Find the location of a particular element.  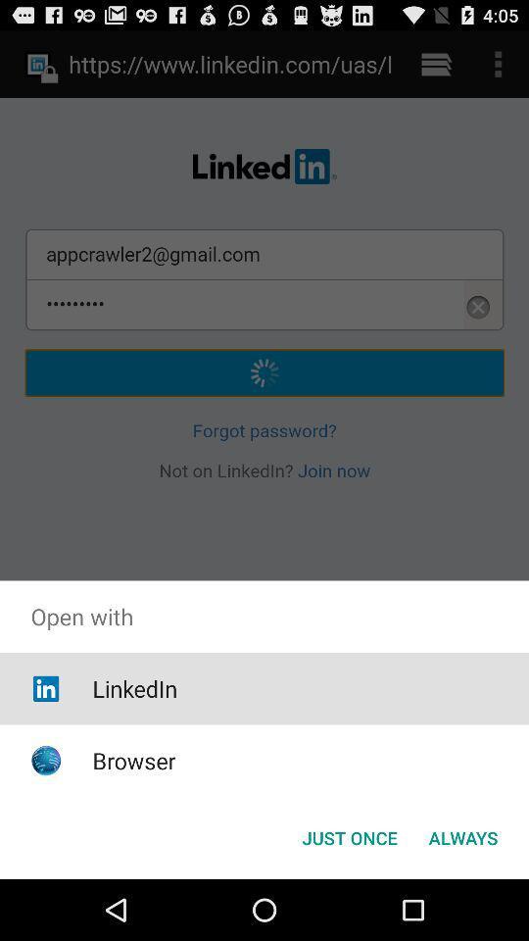

the item below the open with is located at coordinates (133, 688).